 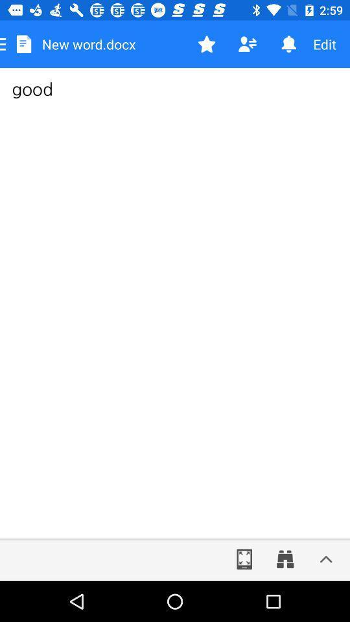 What do you see at coordinates (207, 44) in the screenshot?
I see `mark as favorite` at bounding box center [207, 44].